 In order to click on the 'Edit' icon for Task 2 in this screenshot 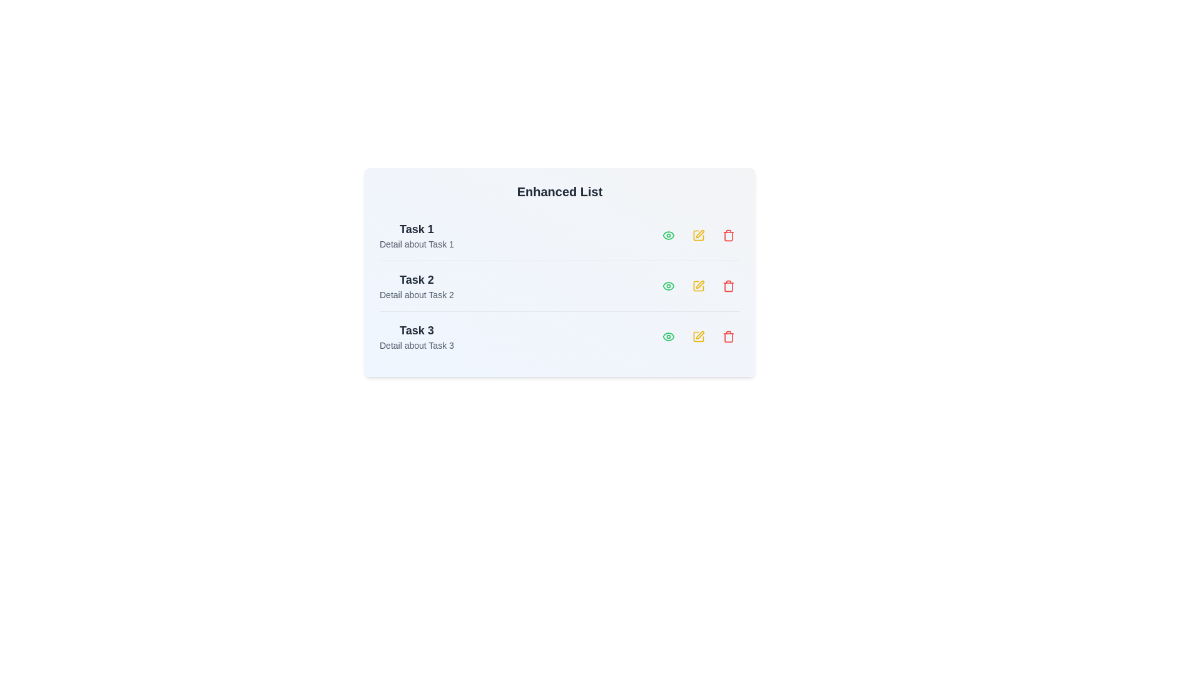, I will do `click(698, 286)`.